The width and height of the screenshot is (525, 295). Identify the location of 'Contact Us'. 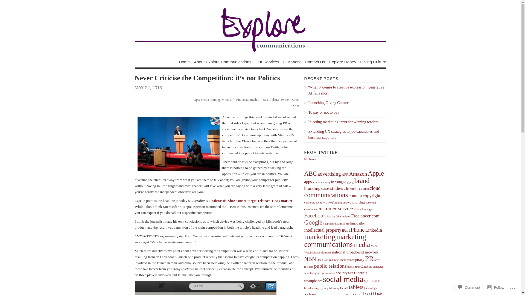
(315, 61).